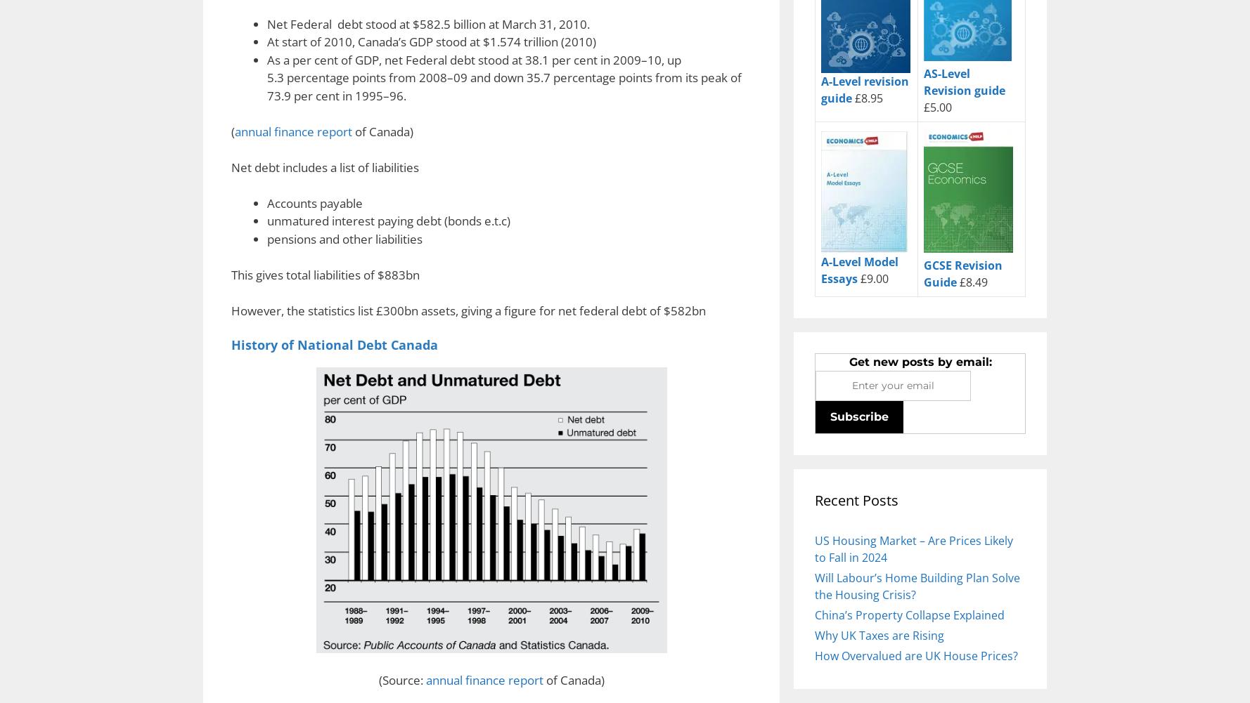  What do you see at coordinates (266, 202) in the screenshot?
I see `'Accounts payable'` at bounding box center [266, 202].